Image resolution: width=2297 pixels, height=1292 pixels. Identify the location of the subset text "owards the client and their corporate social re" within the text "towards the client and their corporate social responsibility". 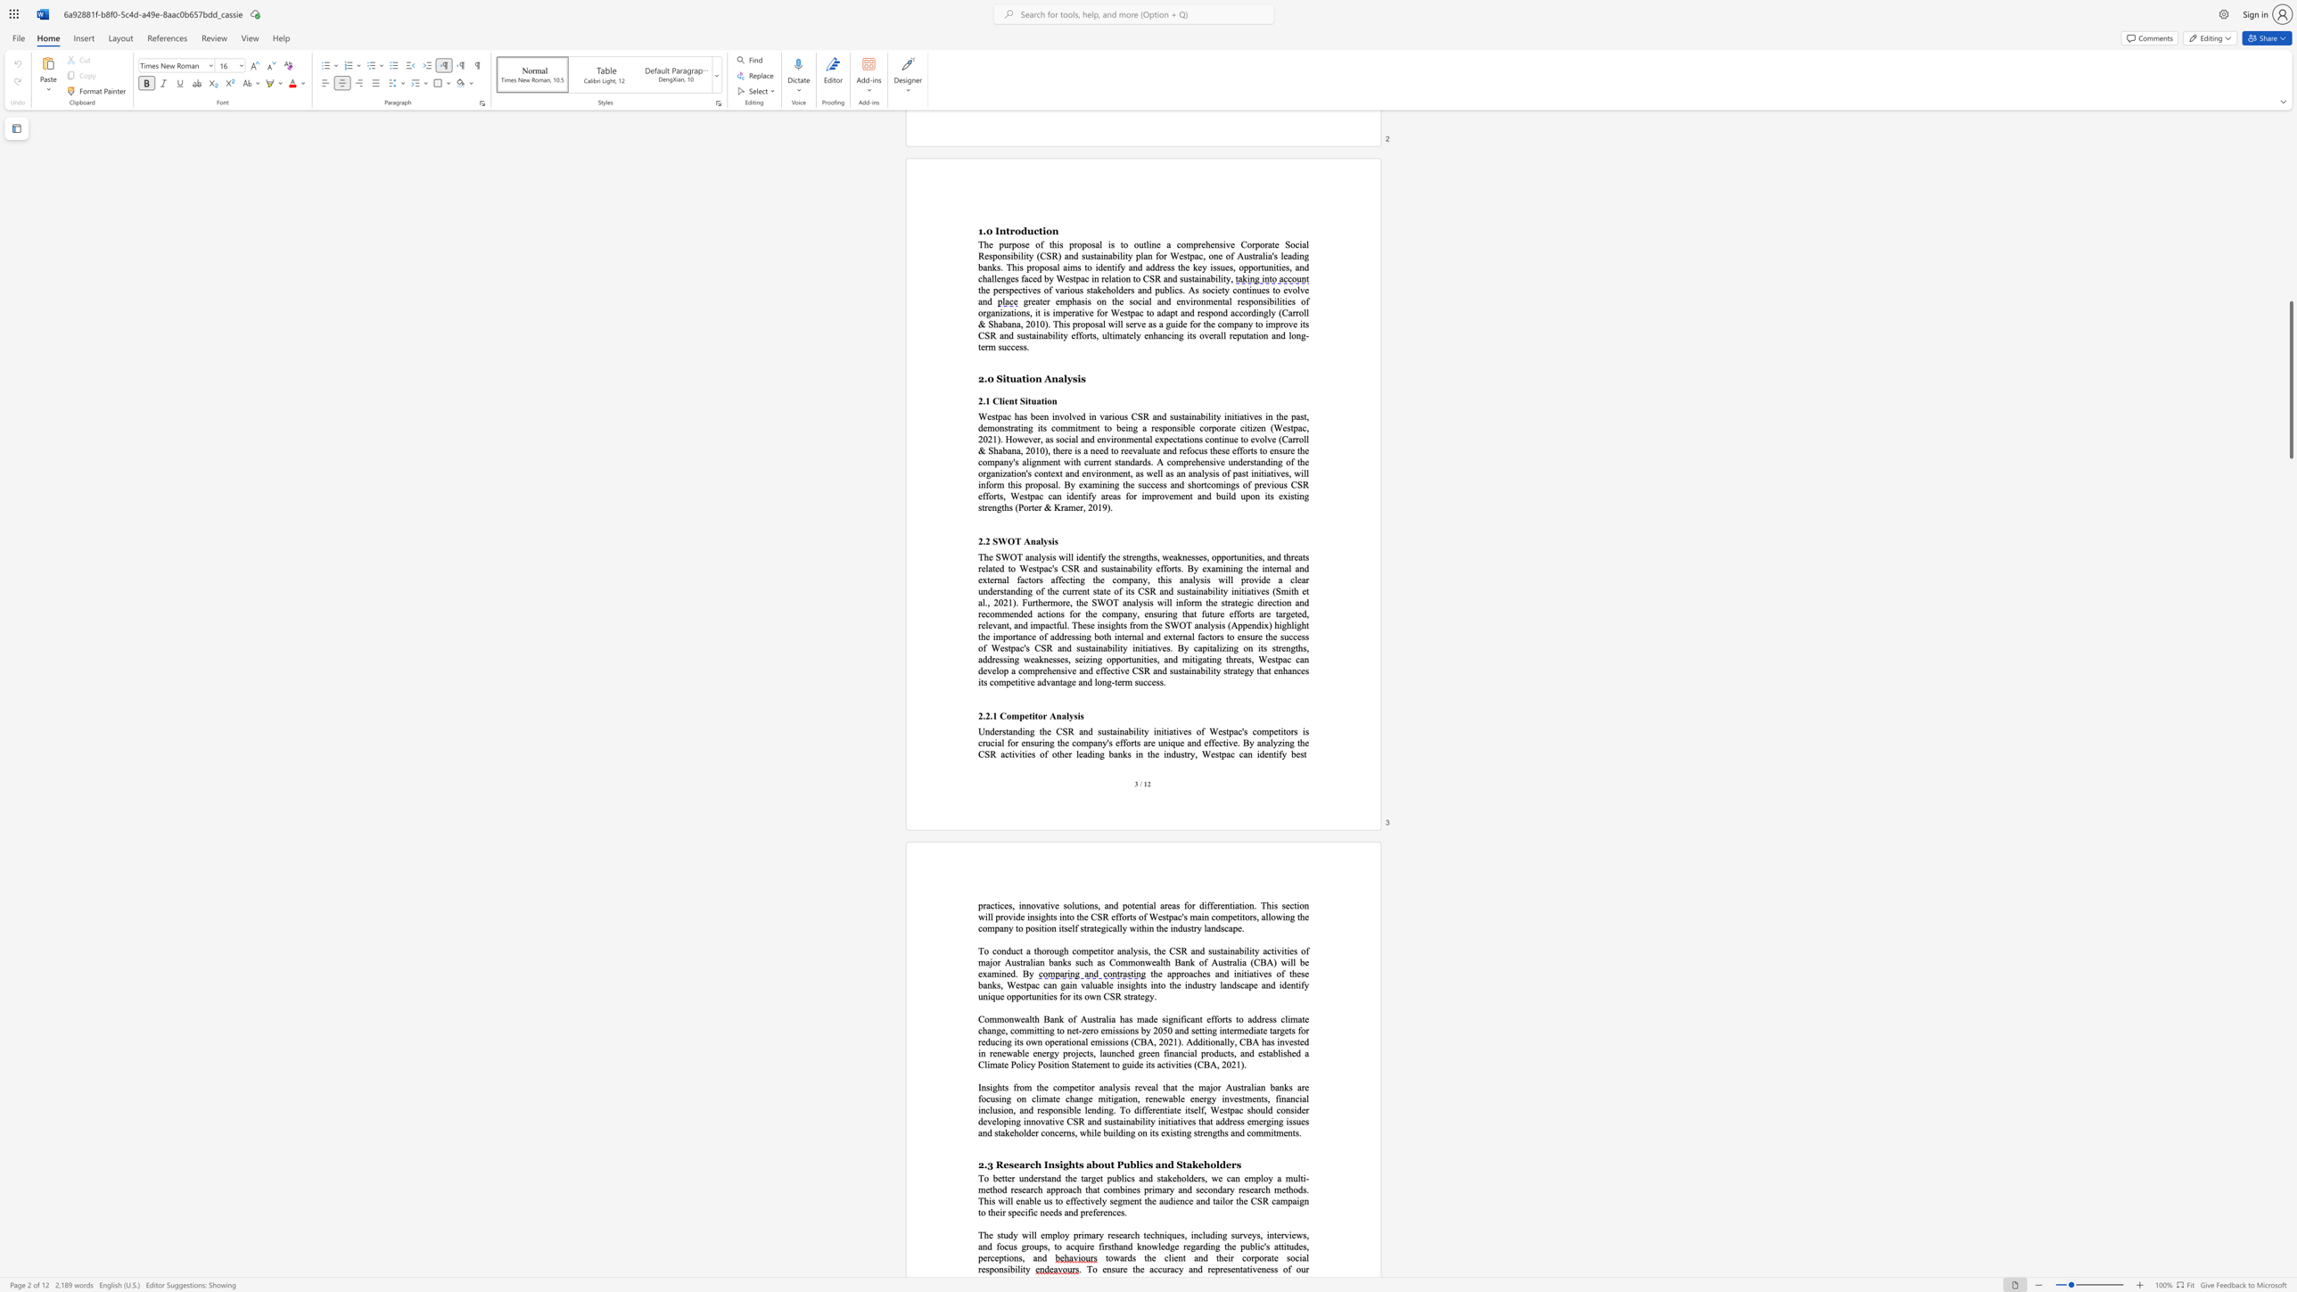
(1107, 1256).